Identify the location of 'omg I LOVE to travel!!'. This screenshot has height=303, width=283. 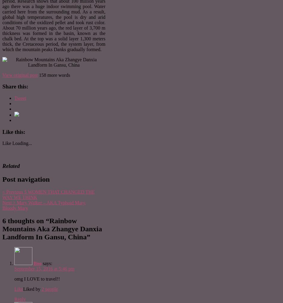
(37, 278).